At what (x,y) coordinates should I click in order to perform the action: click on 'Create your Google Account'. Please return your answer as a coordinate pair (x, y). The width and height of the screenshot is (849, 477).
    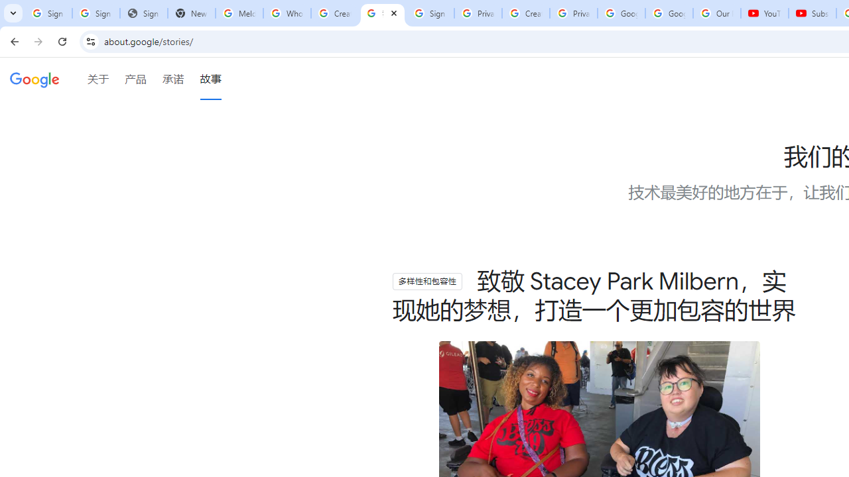
    Looking at the image, I should click on (525, 13).